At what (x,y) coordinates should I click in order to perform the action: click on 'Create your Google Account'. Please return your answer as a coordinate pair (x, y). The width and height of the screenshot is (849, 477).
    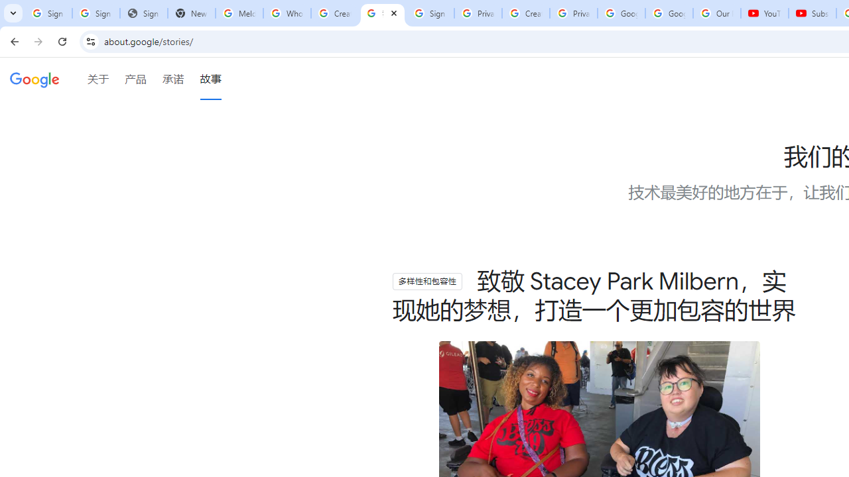
    Looking at the image, I should click on (525, 13).